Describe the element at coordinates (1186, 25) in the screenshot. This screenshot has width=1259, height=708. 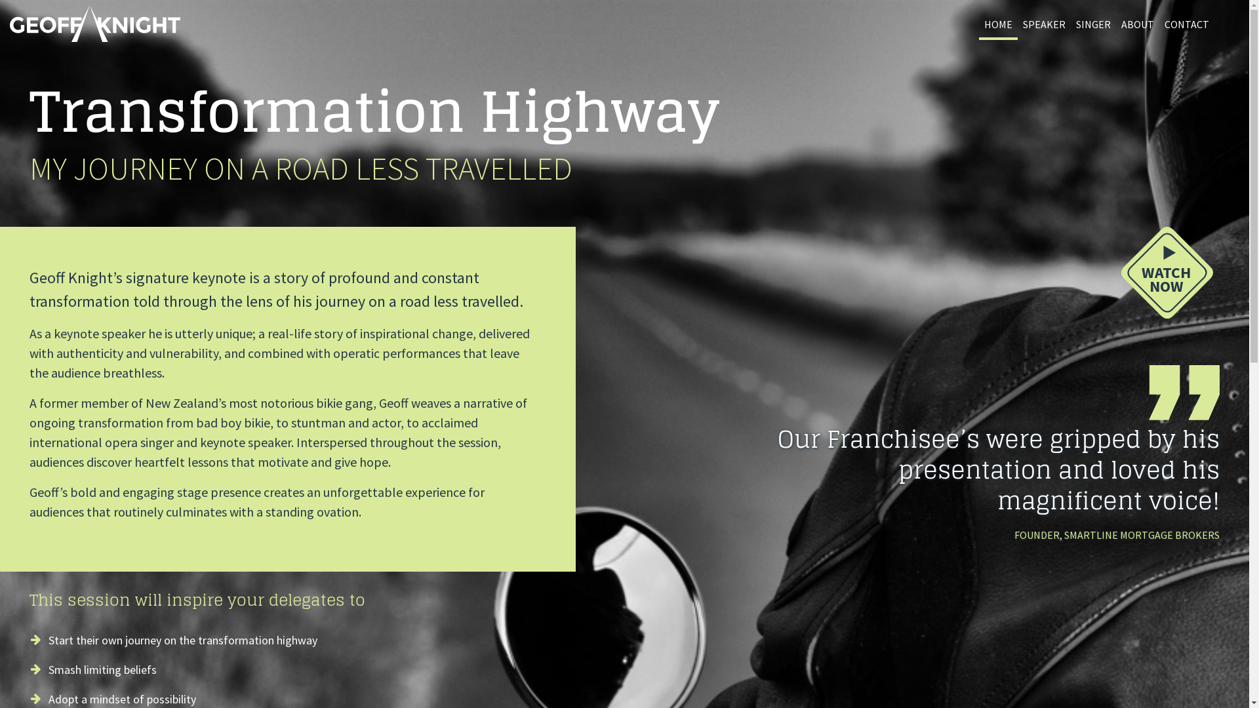
I see `'CONTACT'` at that location.